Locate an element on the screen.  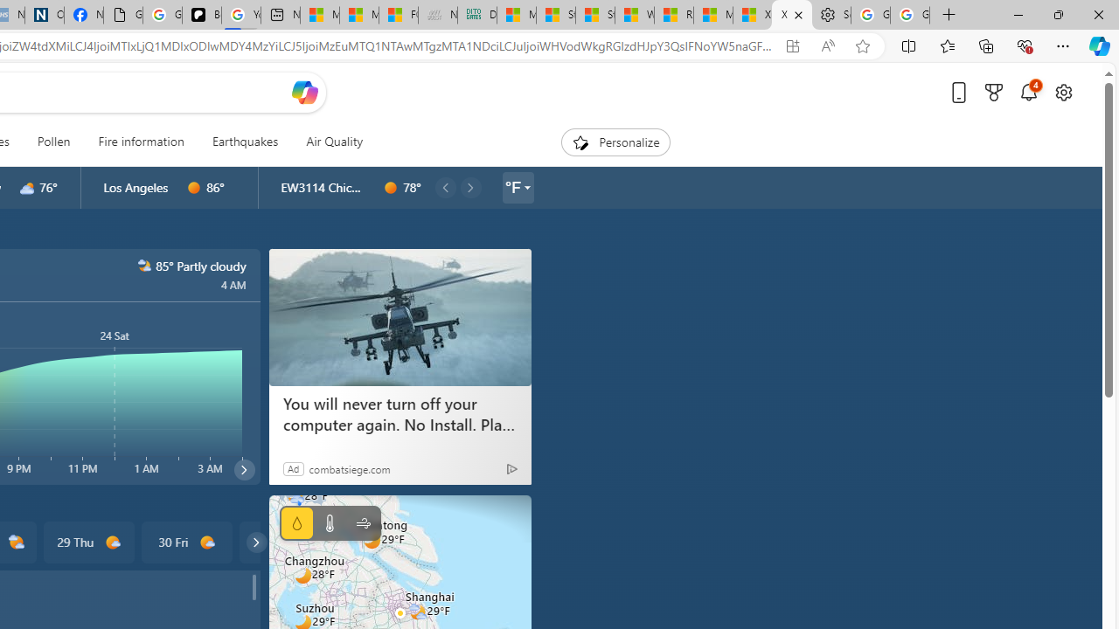
'Earthquakes' is located at coordinates (244, 142).